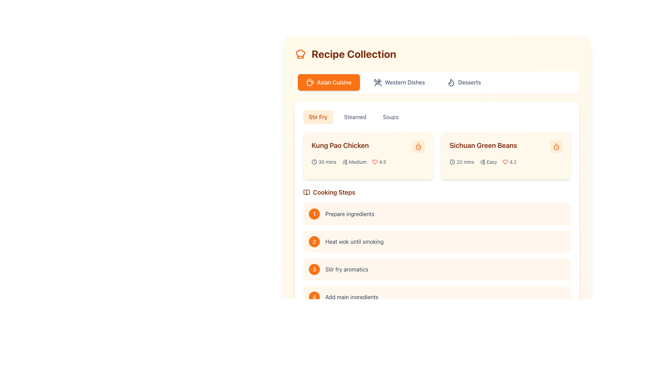 The height and width of the screenshot is (374, 664). Describe the element at coordinates (368, 146) in the screenshot. I see `the 'Kung Pao Chicken' title text label located at the top-left of the yellow rectangular card in the 'Stir Fry' section of the 'Asian Cuisine' tab` at that location.